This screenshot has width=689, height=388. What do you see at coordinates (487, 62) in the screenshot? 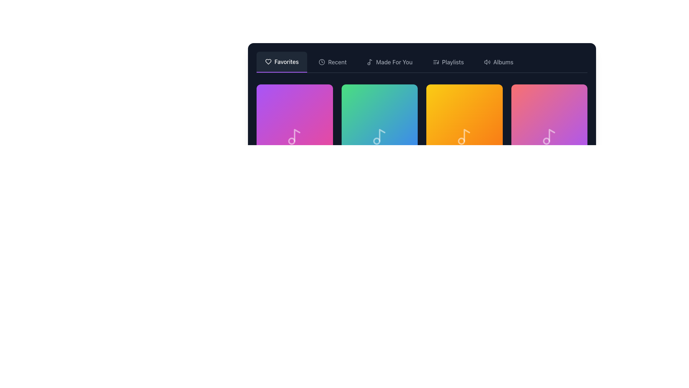
I see `the 'Albums' menu option, which is represented by an icon located at the rightmost position in the horizontal list of menu options` at bounding box center [487, 62].